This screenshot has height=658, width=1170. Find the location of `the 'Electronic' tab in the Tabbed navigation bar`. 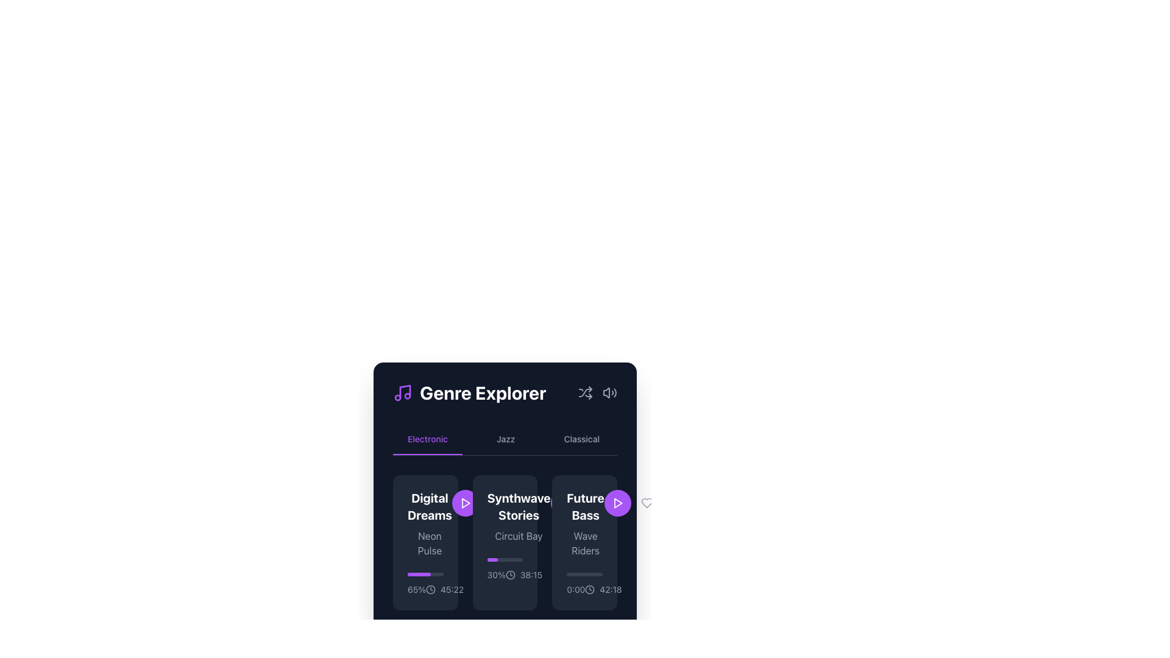

the 'Electronic' tab in the Tabbed navigation bar is located at coordinates (505, 439).